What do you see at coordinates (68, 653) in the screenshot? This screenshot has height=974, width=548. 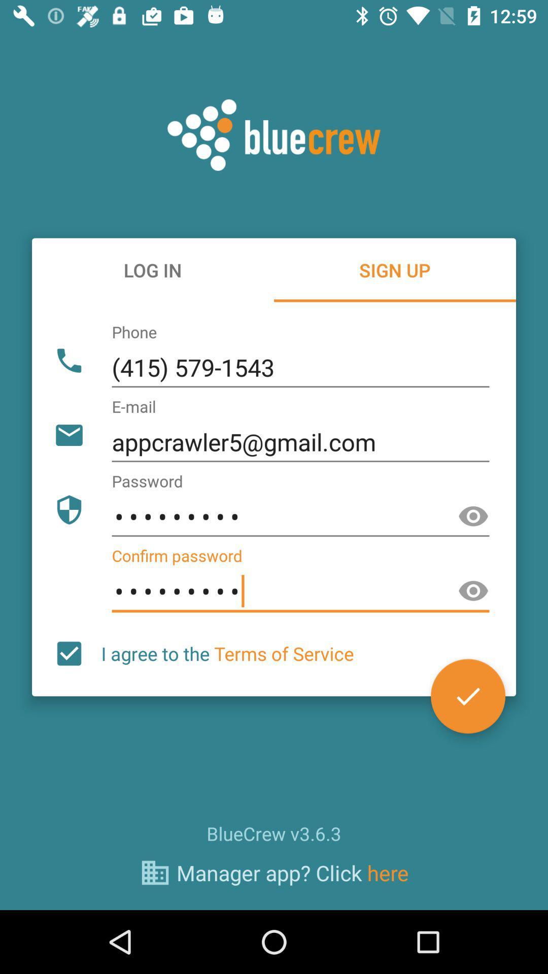 I see `item above bluecrew v3 6 item` at bounding box center [68, 653].